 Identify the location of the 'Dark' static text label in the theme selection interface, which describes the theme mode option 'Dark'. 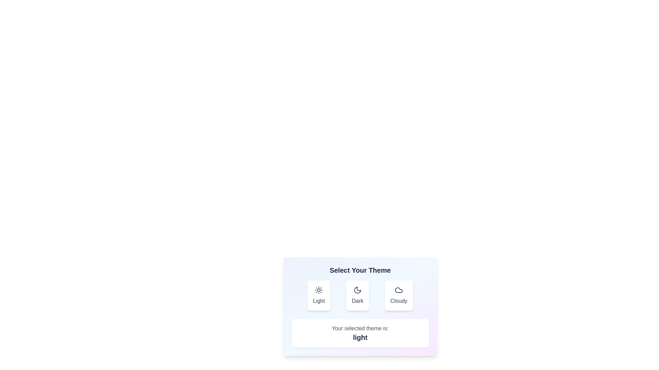
(357, 301).